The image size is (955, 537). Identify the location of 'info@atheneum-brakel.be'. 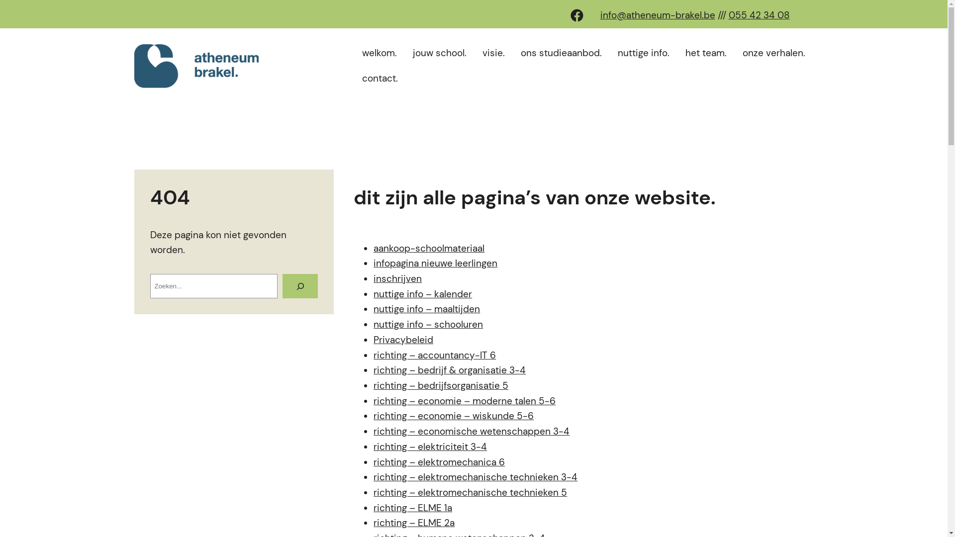
(599, 15).